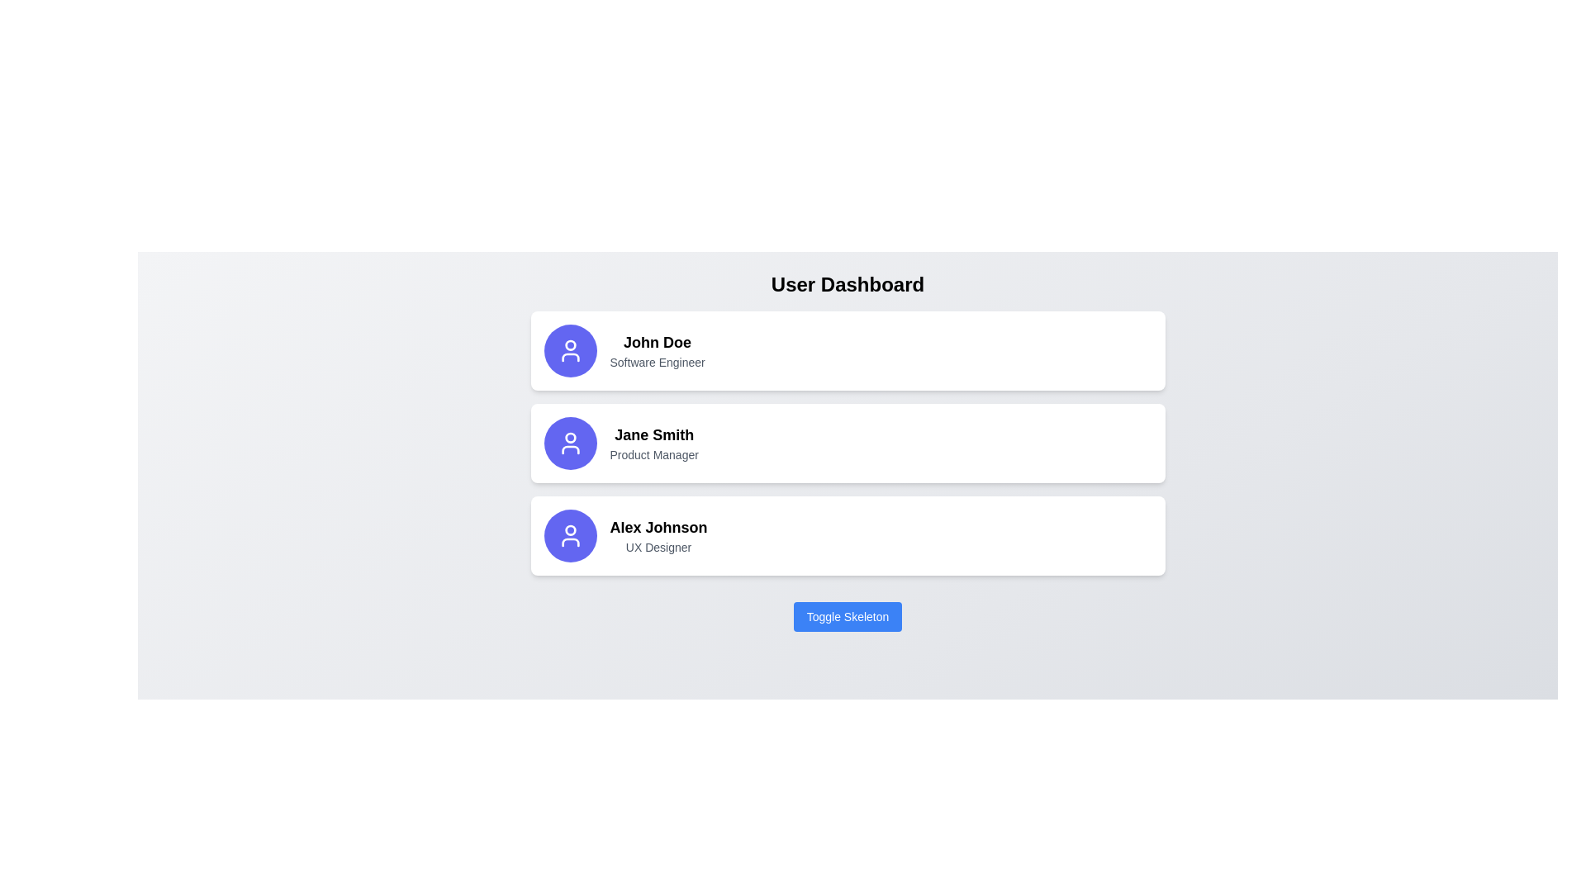 This screenshot has height=892, width=1586. I want to click on the avatar icon located in the upper-left corner of the card for 'Jane Smith - Product Manager', so click(570, 442).